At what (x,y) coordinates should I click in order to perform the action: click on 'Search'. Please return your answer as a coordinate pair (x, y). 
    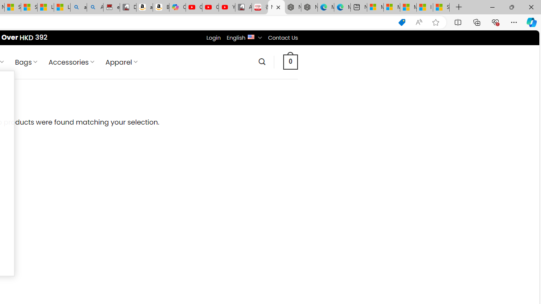
    Looking at the image, I should click on (261, 61).